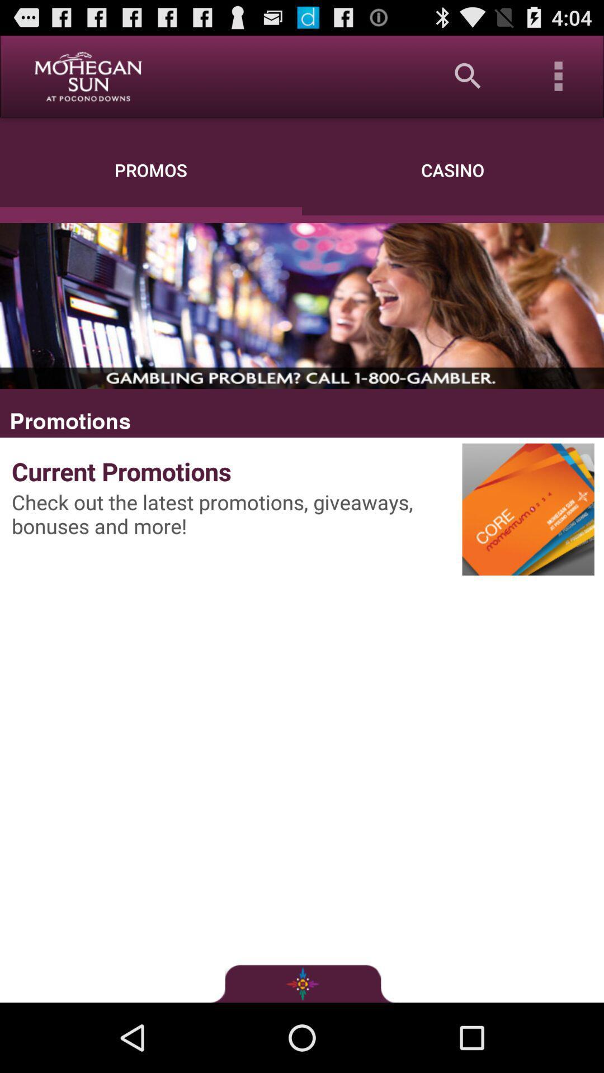 The width and height of the screenshot is (604, 1073). What do you see at coordinates (468, 75) in the screenshot?
I see `app next to the promos icon` at bounding box center [468, 75].